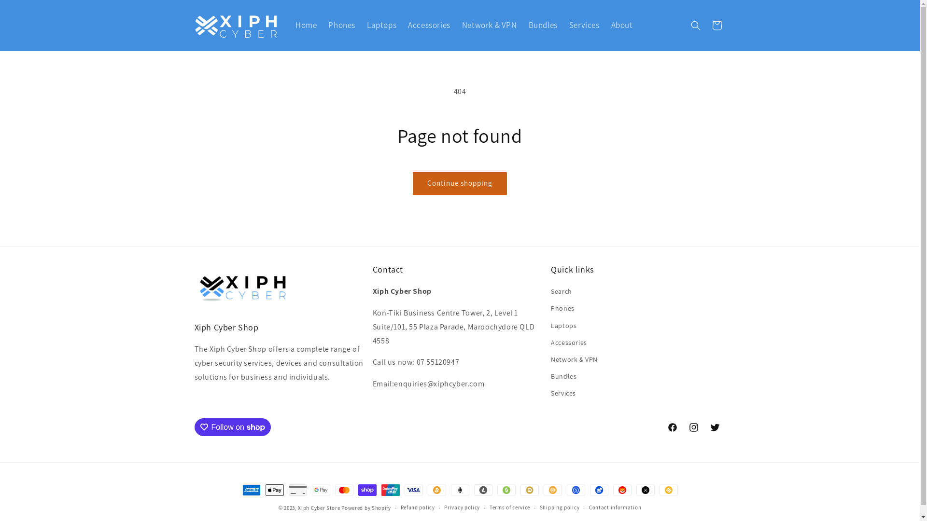  I want to click on 'Continue shopping', so click(459, 183).